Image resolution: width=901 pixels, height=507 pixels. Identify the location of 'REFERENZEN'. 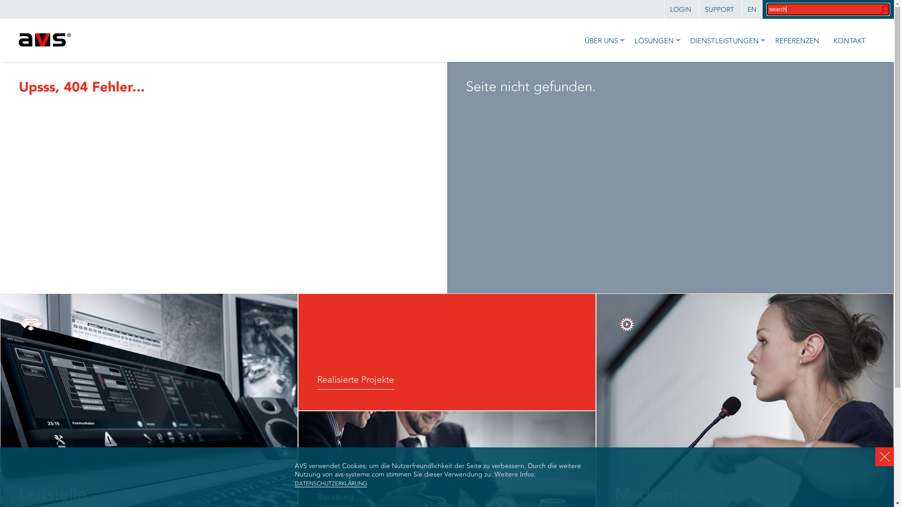
(794, 39).